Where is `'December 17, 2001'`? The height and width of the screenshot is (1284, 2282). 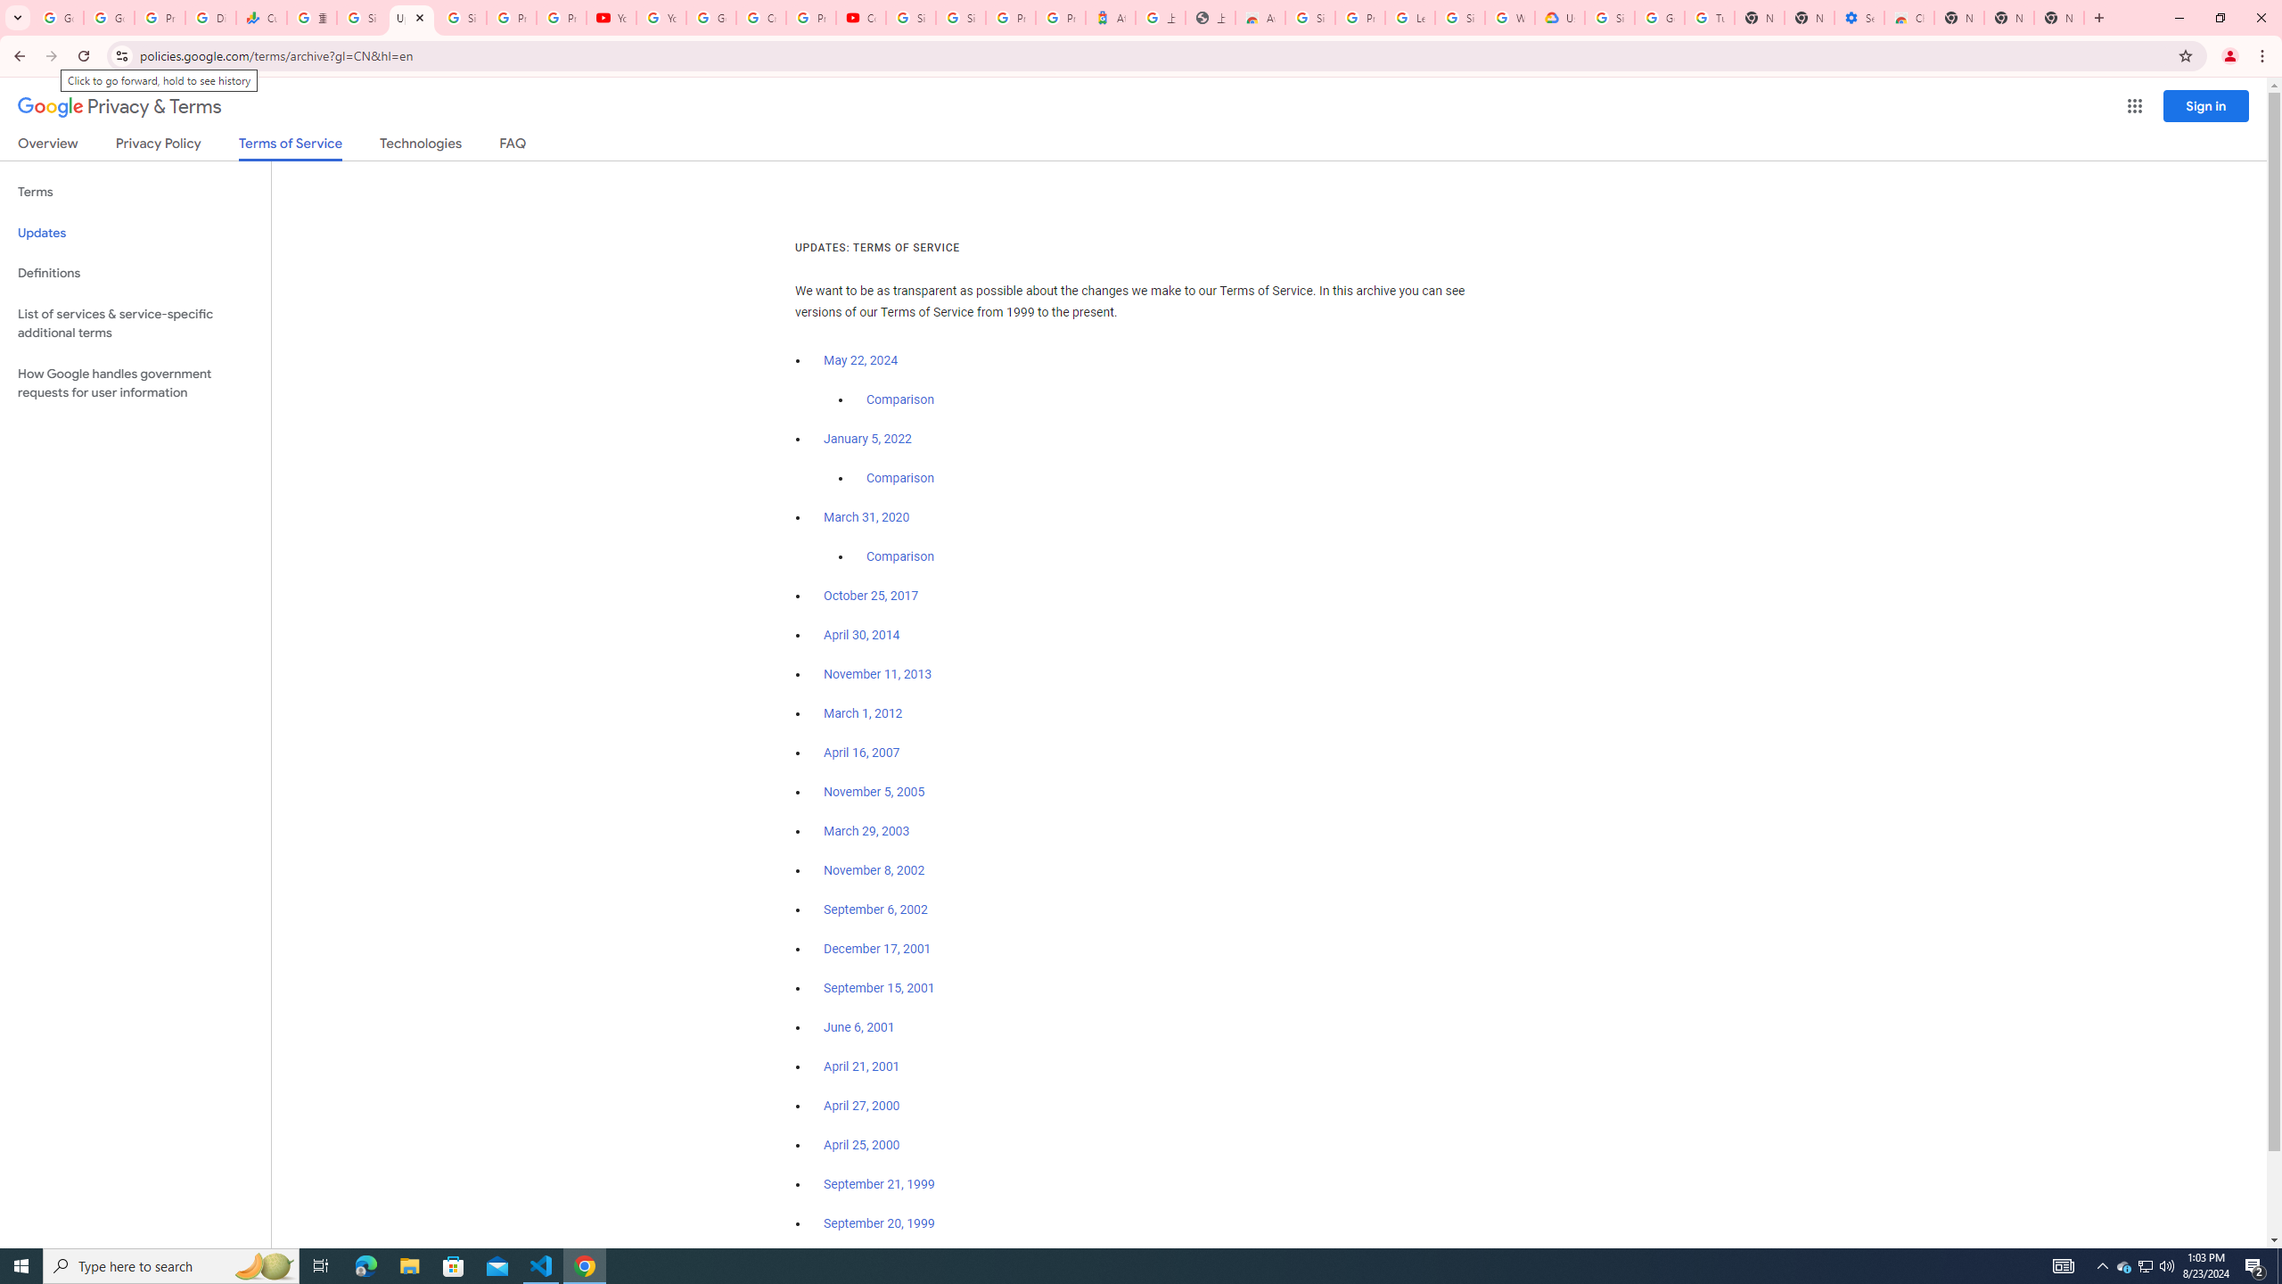
'December 17, 2001' is located at coordinates (876, 949).